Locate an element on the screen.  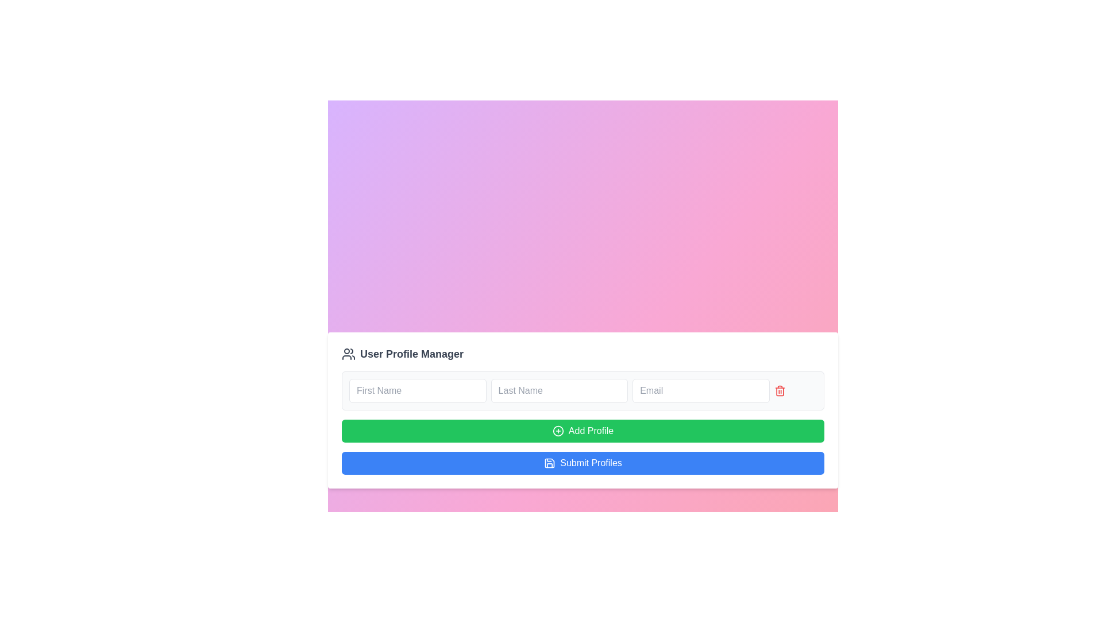
the 'save' icon located to the left of the 'Submit Profiles' button, which represents the action of saving or submitting data is located at coordinates (549, 462).